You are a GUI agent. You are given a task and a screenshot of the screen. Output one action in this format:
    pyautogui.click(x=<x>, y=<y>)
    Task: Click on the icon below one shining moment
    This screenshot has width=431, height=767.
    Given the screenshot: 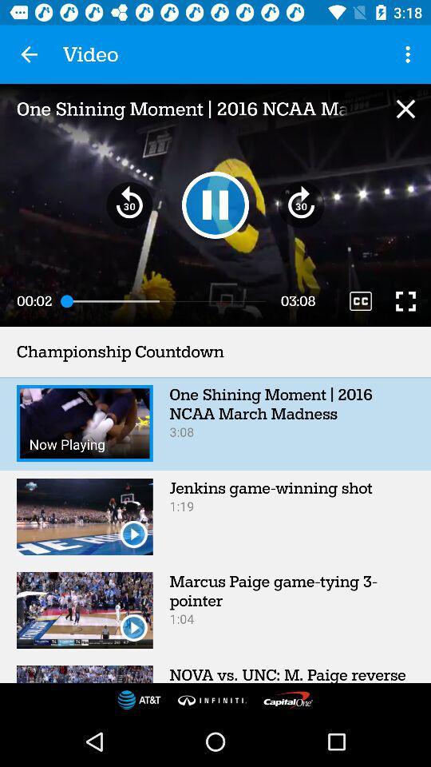 What is the action you would take?
    pyautogui.click(x=215, y=204)
    